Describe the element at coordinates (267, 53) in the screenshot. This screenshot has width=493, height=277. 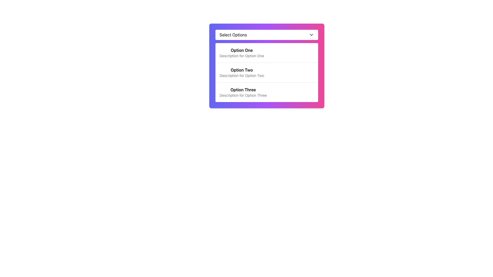
I see `the first option in the dropdown menu located below 'Select Options'` at that location.